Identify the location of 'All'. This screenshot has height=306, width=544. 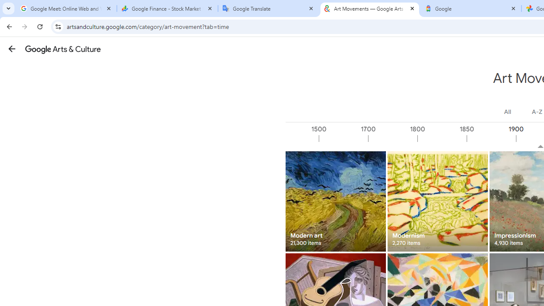
(507, 111).